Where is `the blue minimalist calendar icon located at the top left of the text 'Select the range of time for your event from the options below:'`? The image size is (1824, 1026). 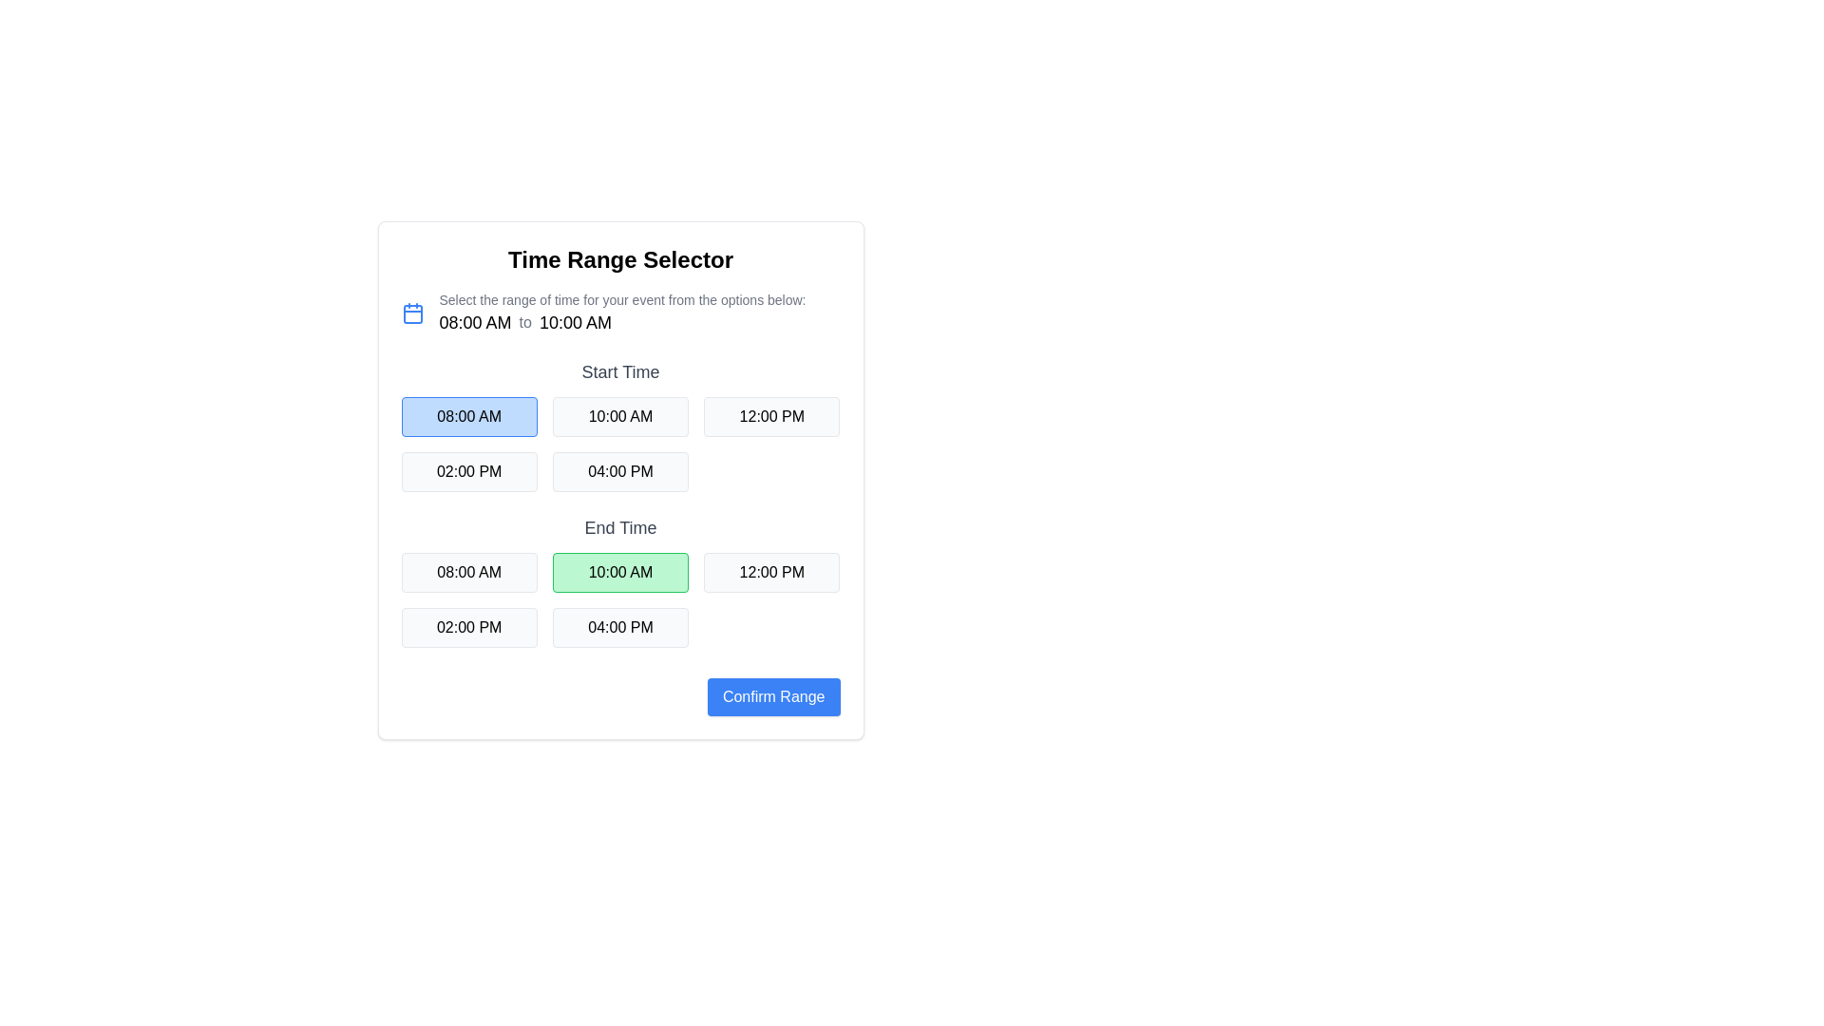
the blue minimalist calendar icon located at the top left of the text 'Select the range of time for your event from the options below:' is located at coordinates (411, 313).